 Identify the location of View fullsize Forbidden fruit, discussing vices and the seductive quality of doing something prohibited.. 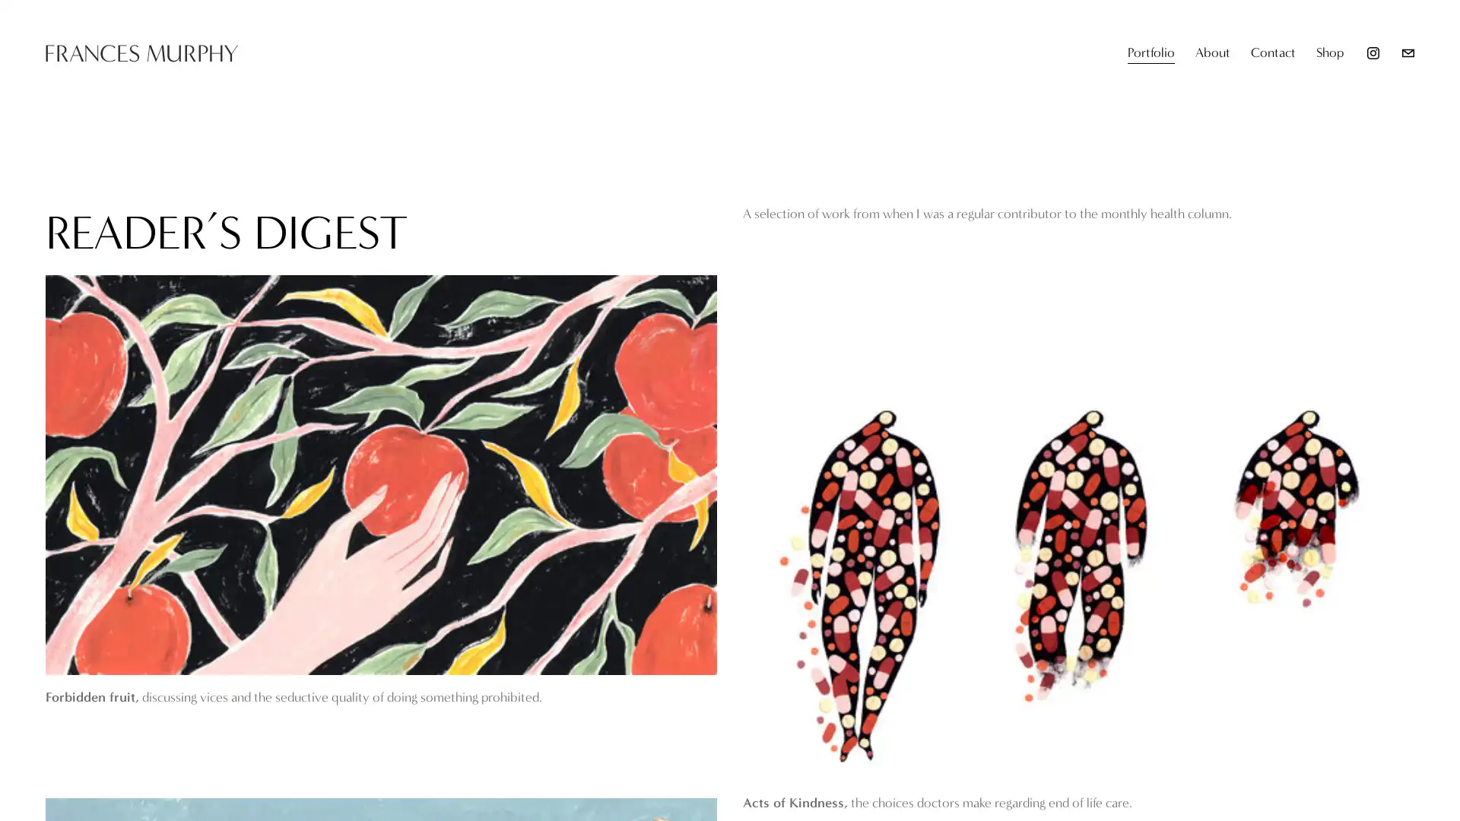
(381, 474).